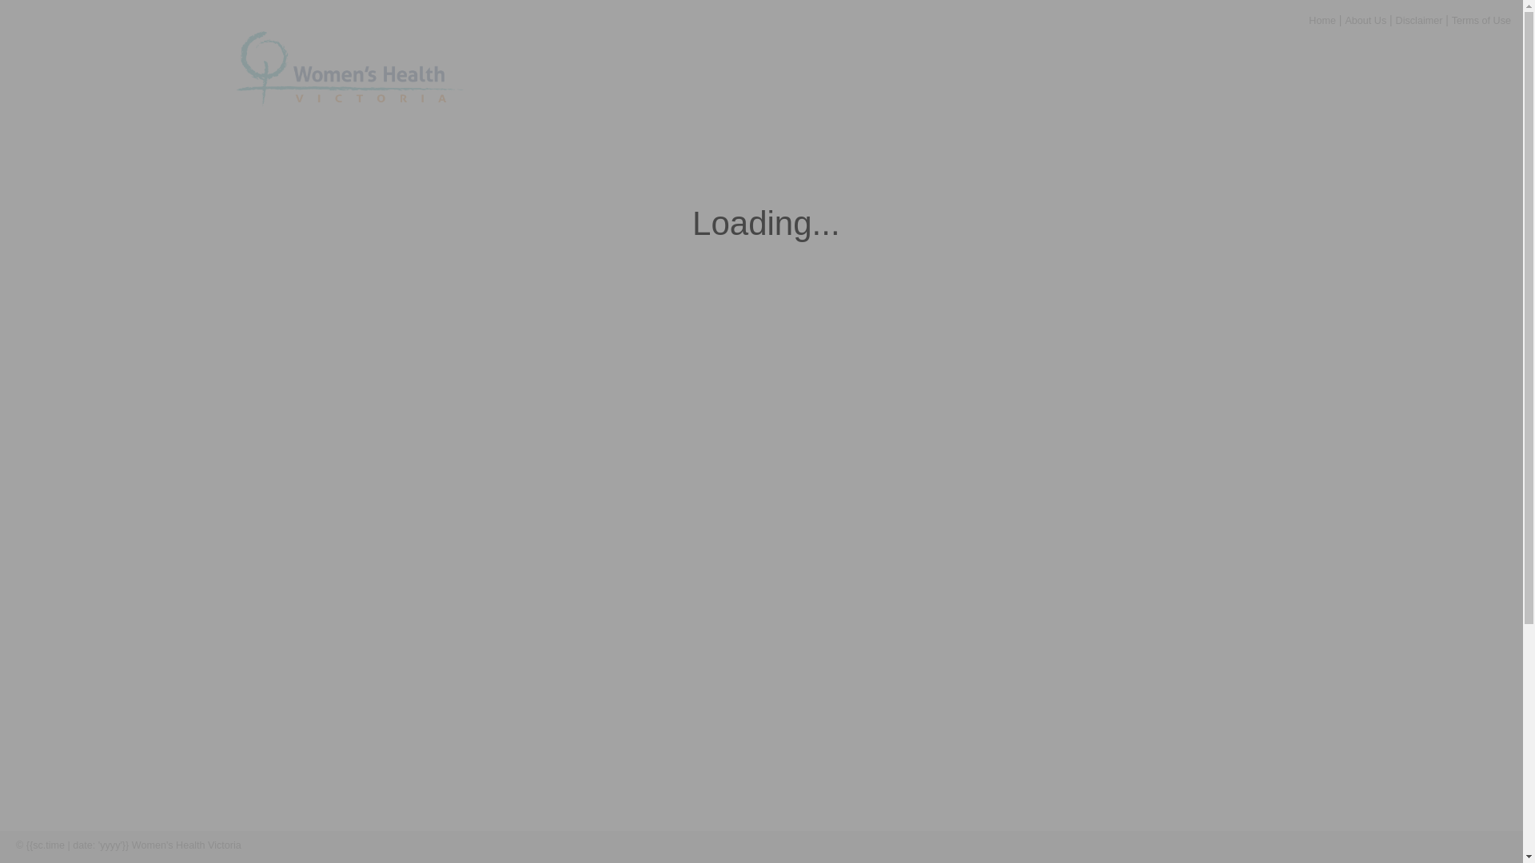 Image resolution: width=1535 pixels, height=863 pixels. Describe the element at coordinates (1365, 21) in the screenshot. I see `'About Us'` at that location.